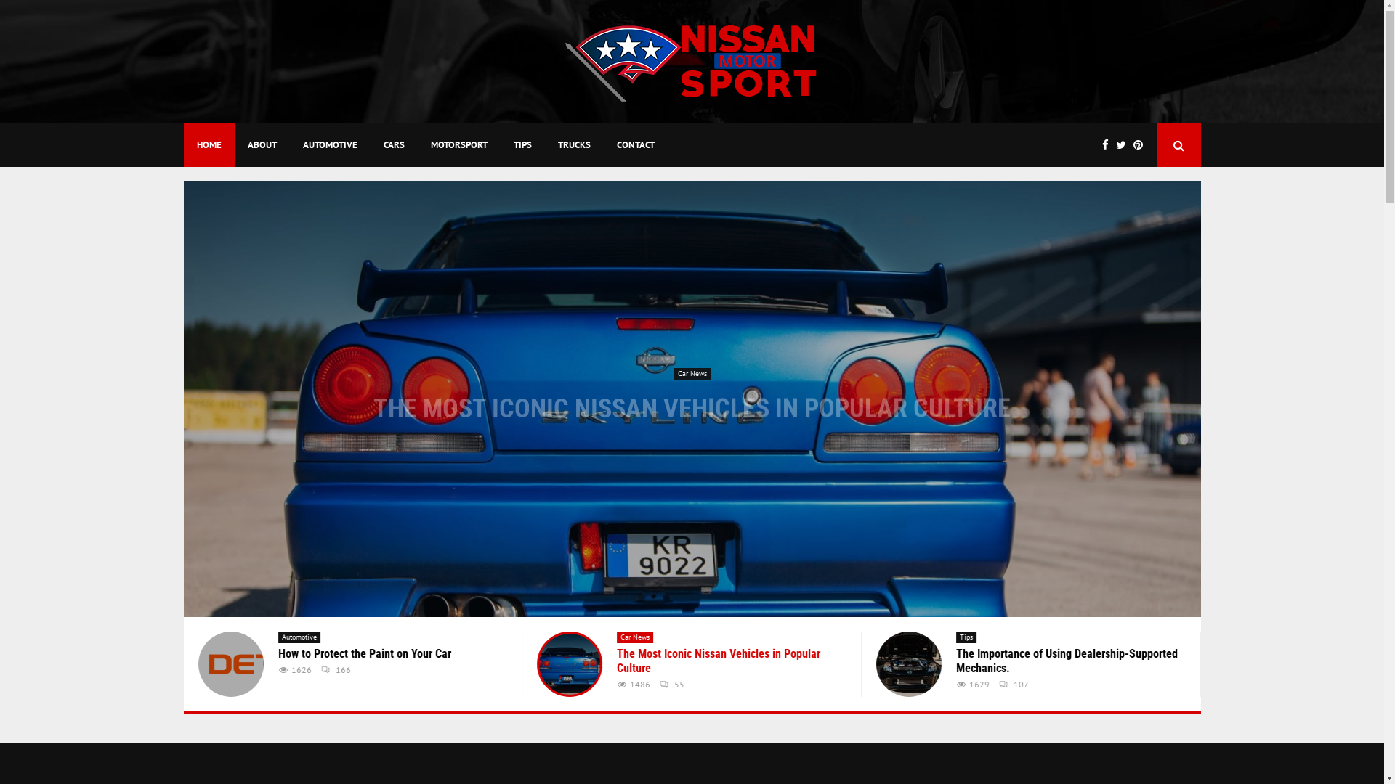  Describe the element at coordinates (1115, 145) in the screenshot. I see `'Twitter'` at that location.